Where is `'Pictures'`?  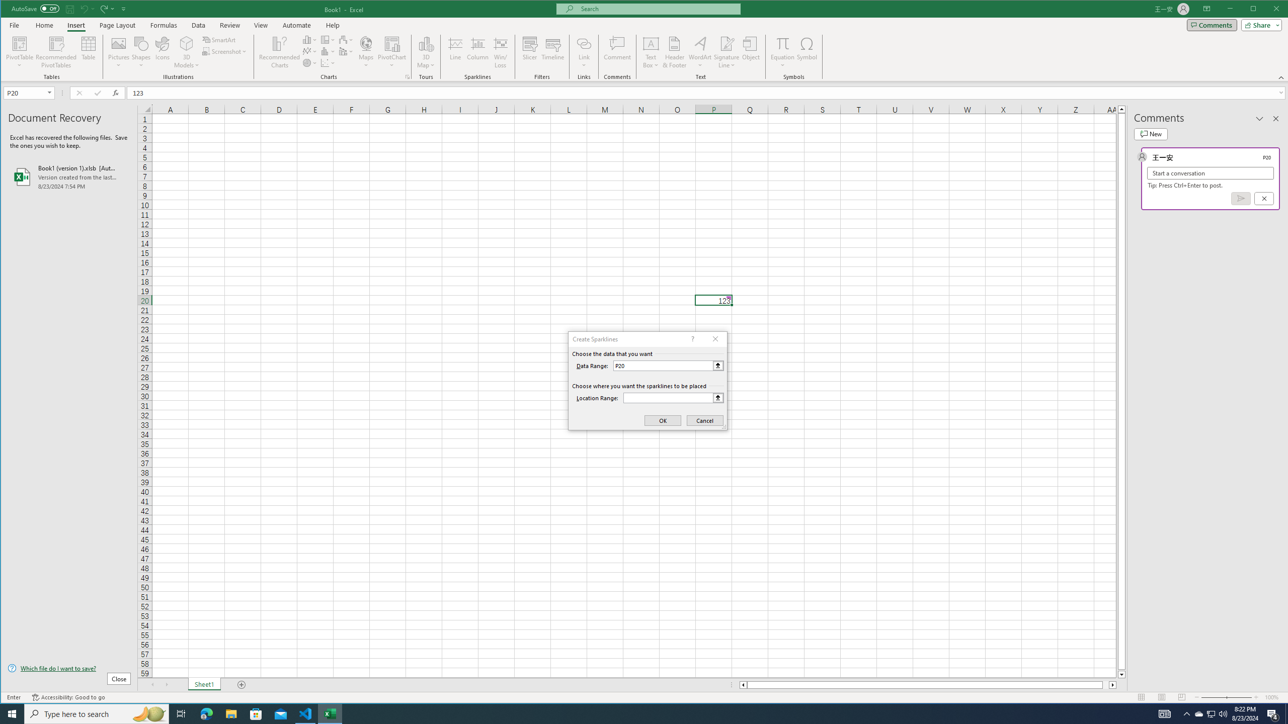 'Pictures' is located at coordinates (119, 52).